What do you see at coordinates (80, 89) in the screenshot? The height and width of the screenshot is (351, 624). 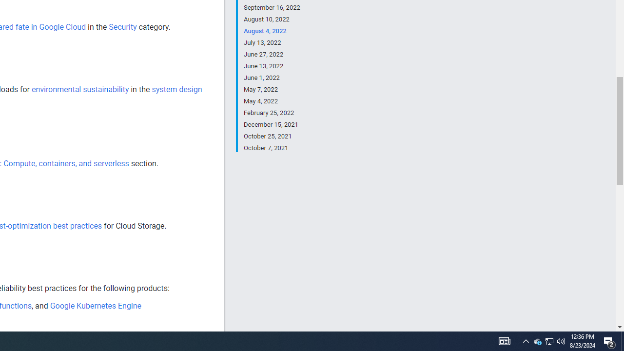 I see `'environmental sustainability'` at bounding box center [80, 89].